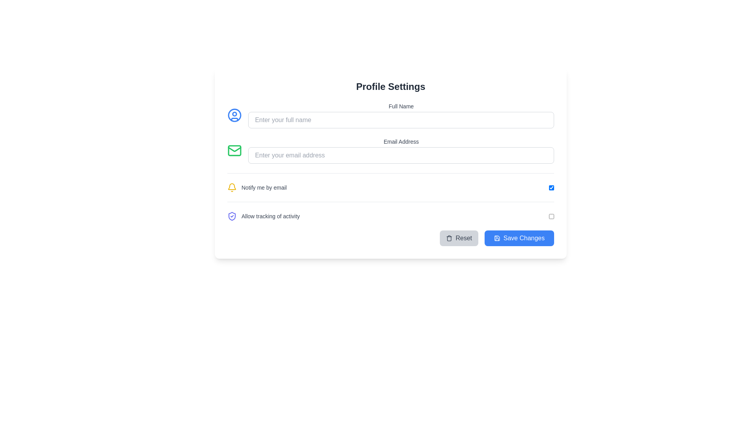 Image resolution: width=754 pixels, height=424 pixels. Describe the element at coordinates (497, 238) in the screenshot. I see `the 'Save Changes' button, which is represented by a blue disk-shaped icon located to the left of the text 'Save Changes' at the lower right section of the form interface` at that location.